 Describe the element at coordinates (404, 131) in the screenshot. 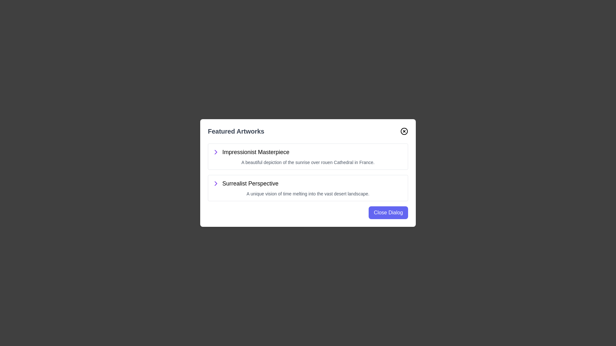

I see `close button at the top-right corner of the dialog` at that location.